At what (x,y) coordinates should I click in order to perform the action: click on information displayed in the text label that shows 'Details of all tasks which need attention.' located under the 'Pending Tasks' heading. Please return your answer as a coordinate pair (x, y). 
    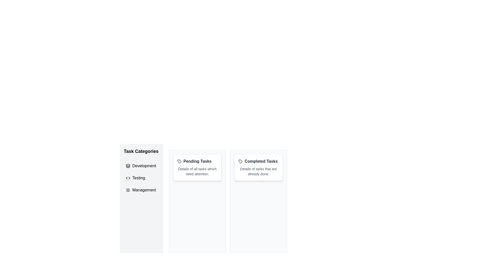
    Looking at the image, I should click on (197, 171).